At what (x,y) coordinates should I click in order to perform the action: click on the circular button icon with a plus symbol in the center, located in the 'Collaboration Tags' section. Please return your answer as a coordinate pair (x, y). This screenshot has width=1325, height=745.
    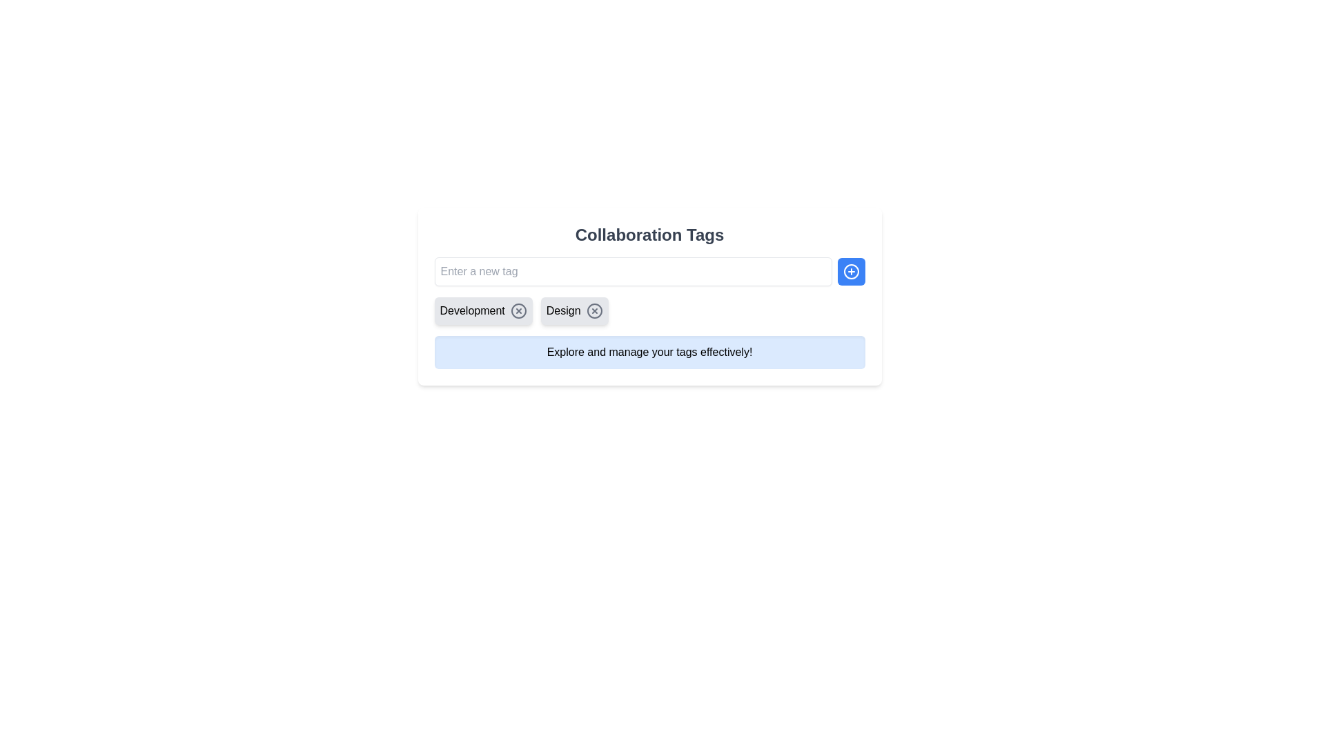
    Looking at the image, I should click on (850, 271).